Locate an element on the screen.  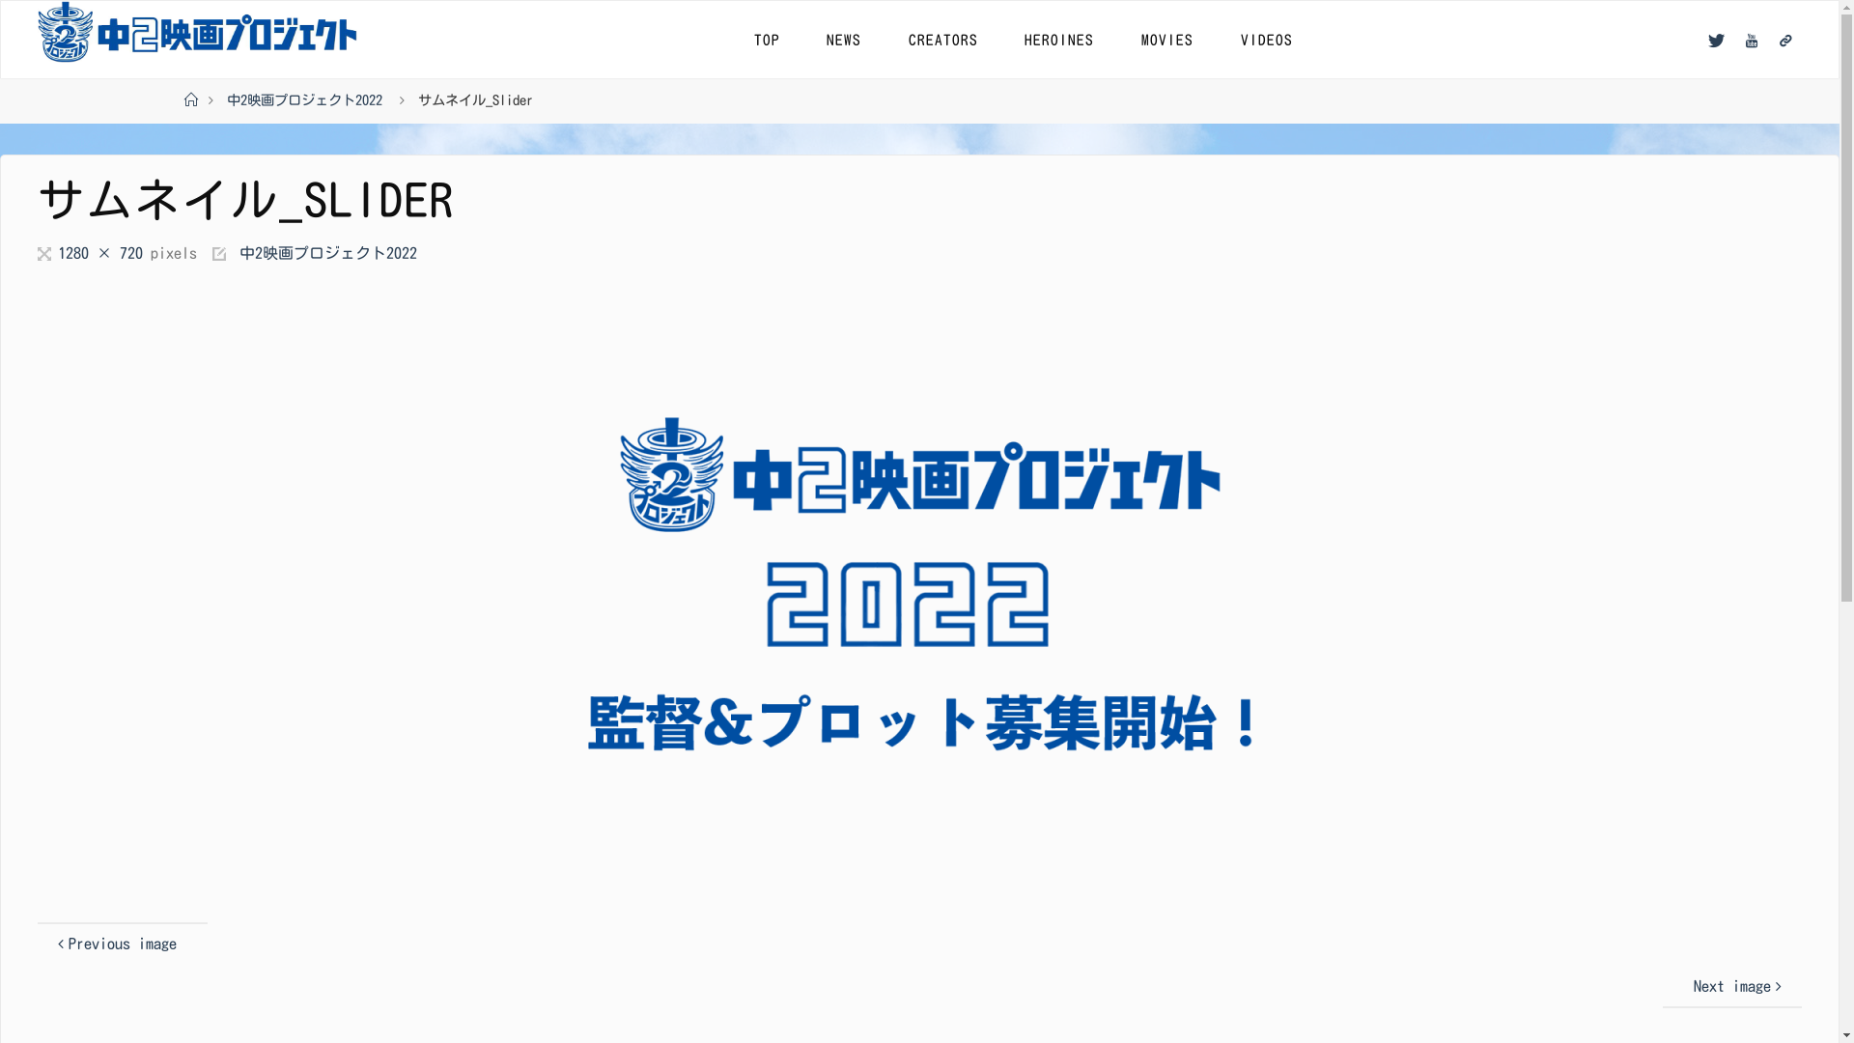
'Published in' is located at coordinates (220, 252).